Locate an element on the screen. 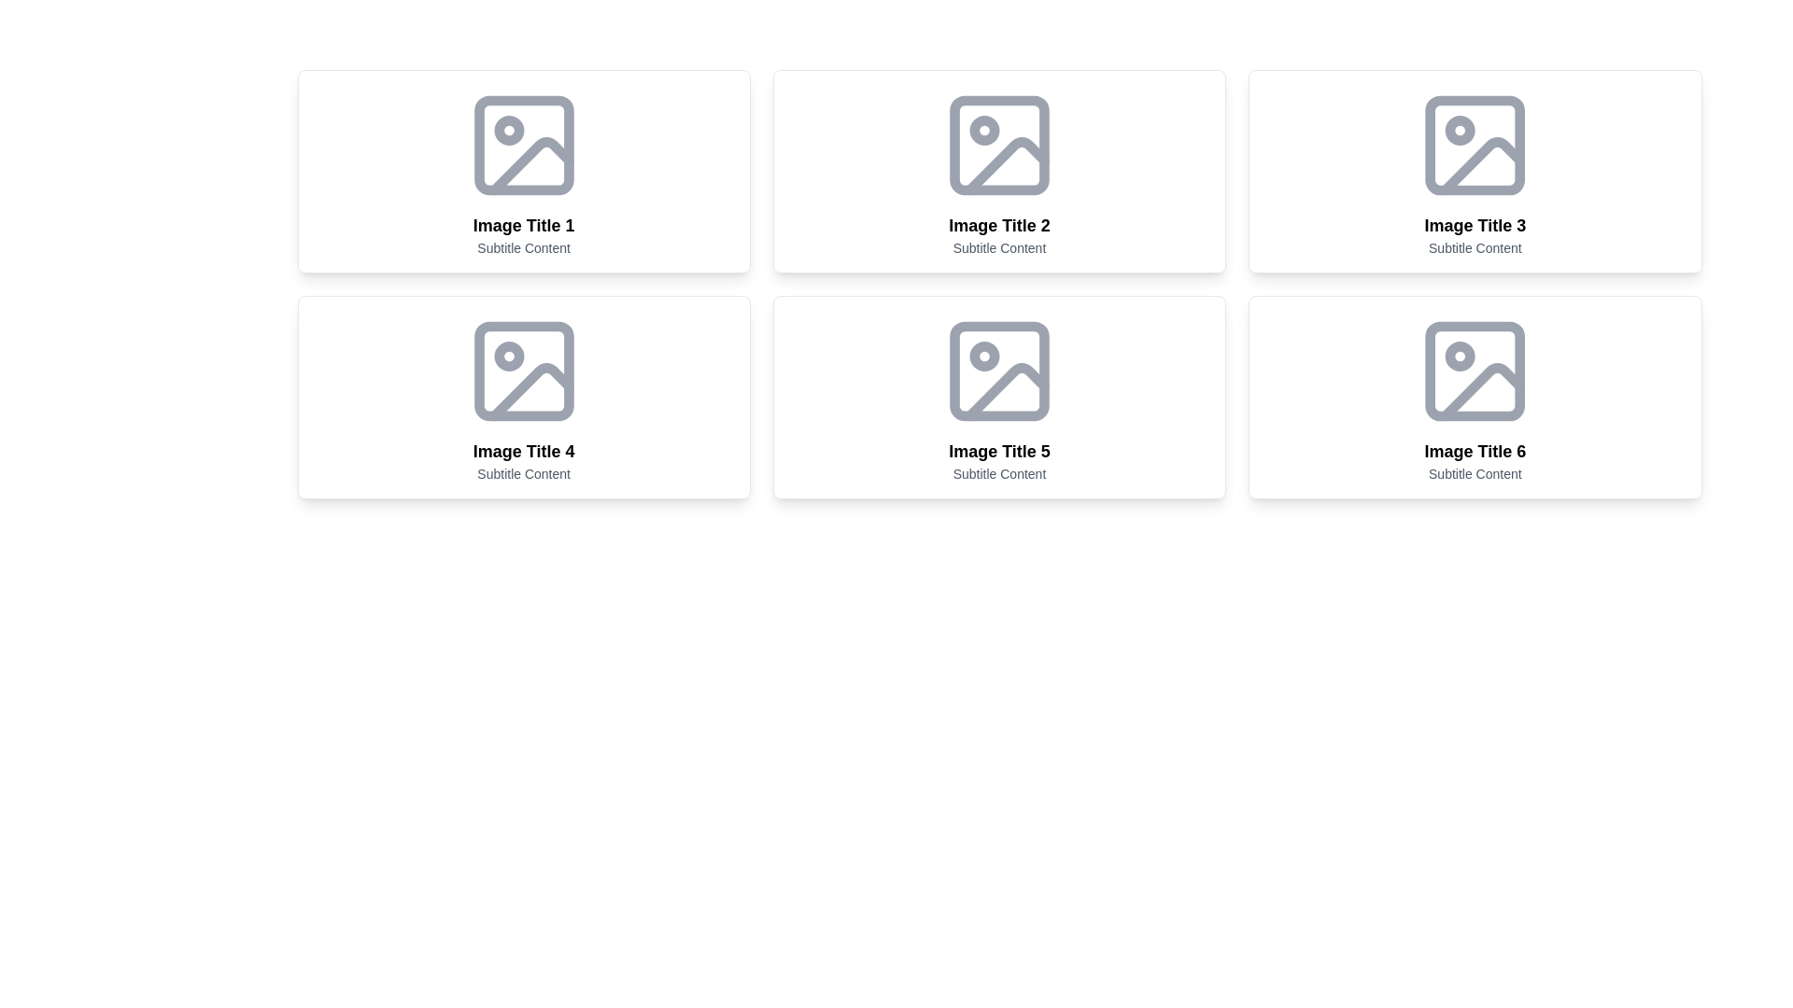 The width and height of the screenshot is (1793, 1008). the SVG image placeholder located at the top center of the card labeled 'Image Title 2', which is in the first row, second column of a grid of six cards is located at coordinates (998, 144).